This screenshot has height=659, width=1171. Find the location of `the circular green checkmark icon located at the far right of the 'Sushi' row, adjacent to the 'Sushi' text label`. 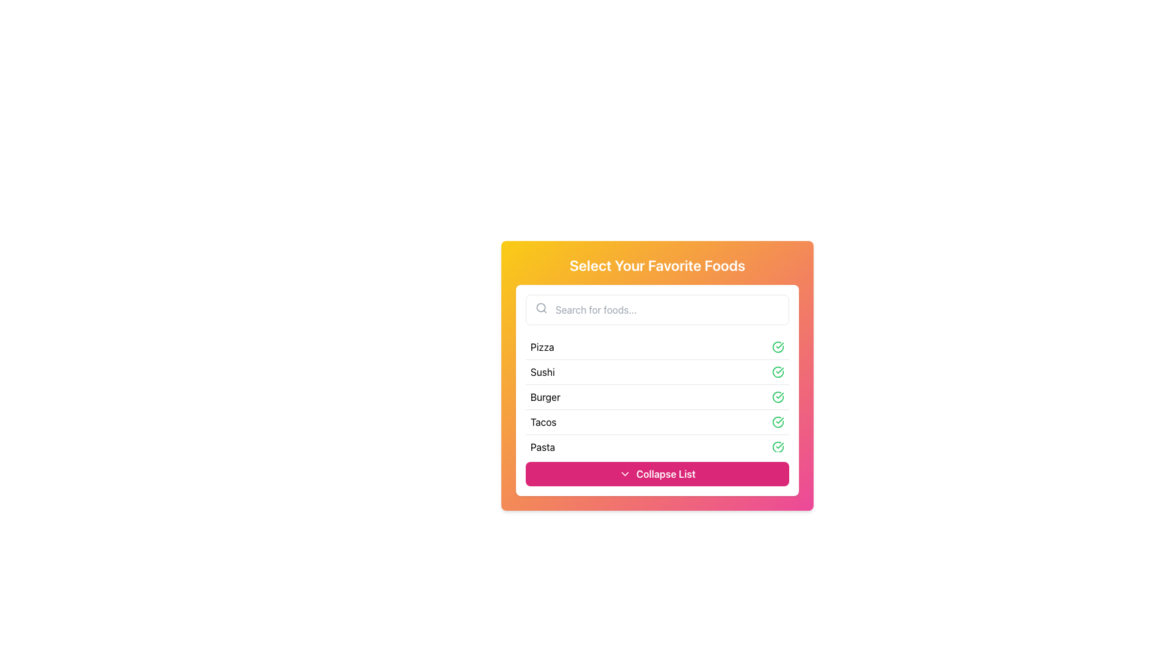

the circular green checkmark icon located at the far right of the 'Sushi' row, adjacent to the 'Sushi' text label is located at coordinates (778, 371).